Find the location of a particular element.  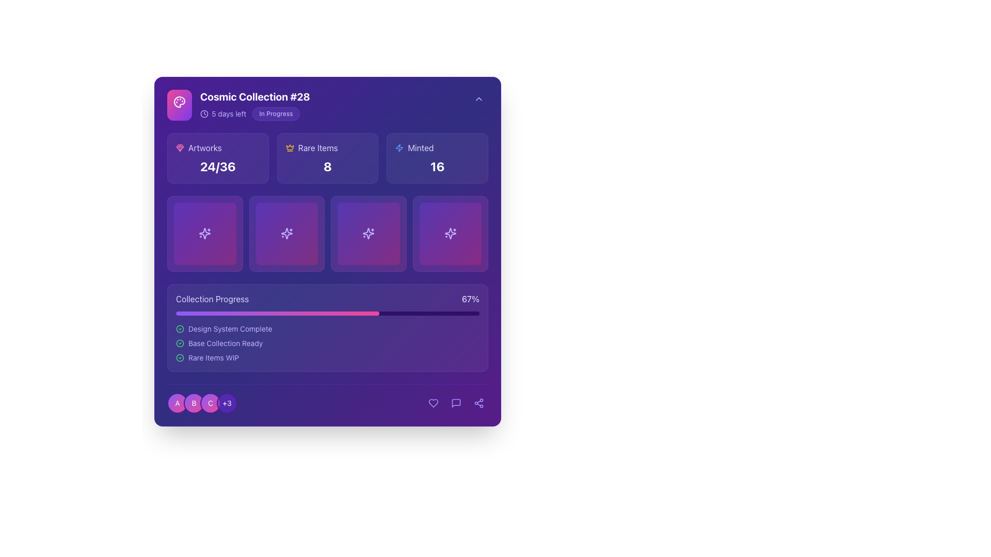

the circular icon with a green border and checkmark inside, indicating a completed status, which is the leftmost component of the 'Design System Complete' item in the 'Collection Progress' section is located at coordinates (180, 329).